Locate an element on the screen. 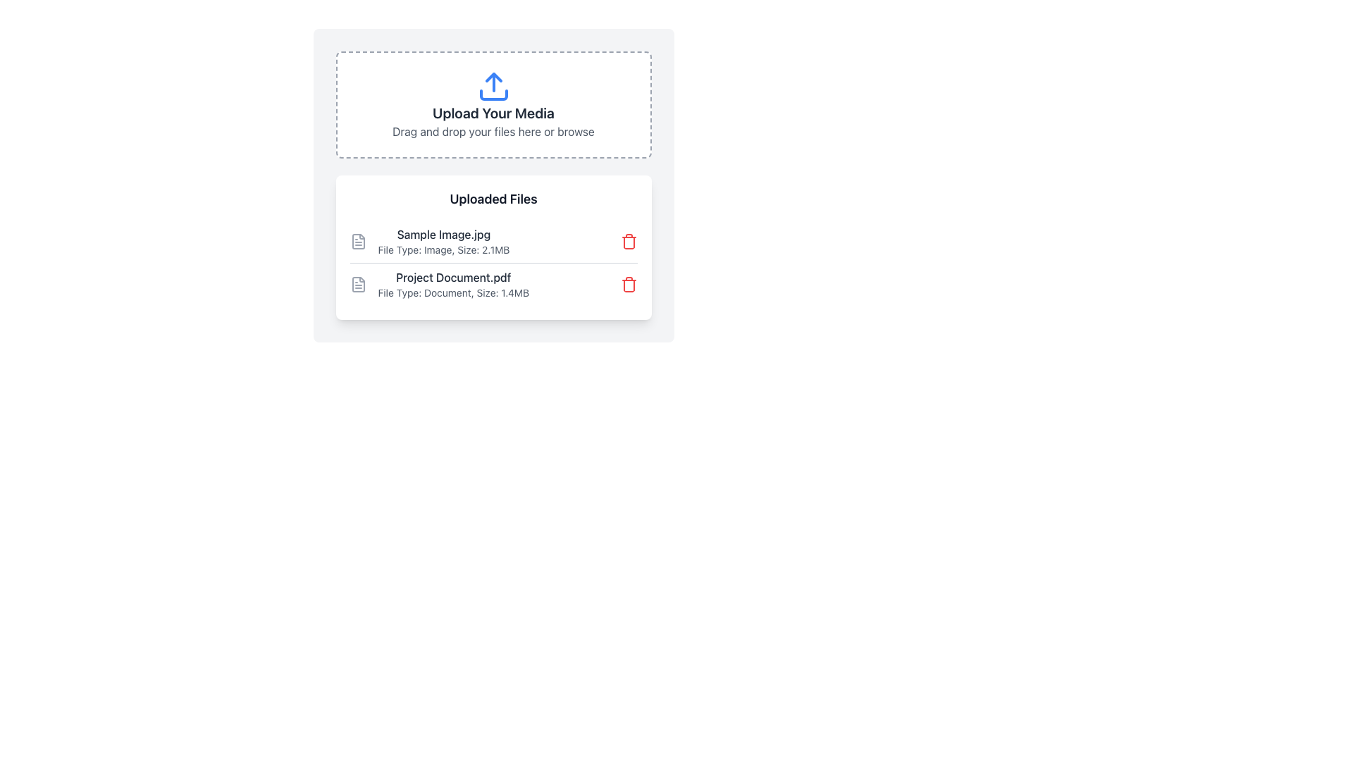 The image size is (1353, 761). the file name 'Project Document.pdf' in the 'Uploaded Files' section is located at coordinates (438, 285).